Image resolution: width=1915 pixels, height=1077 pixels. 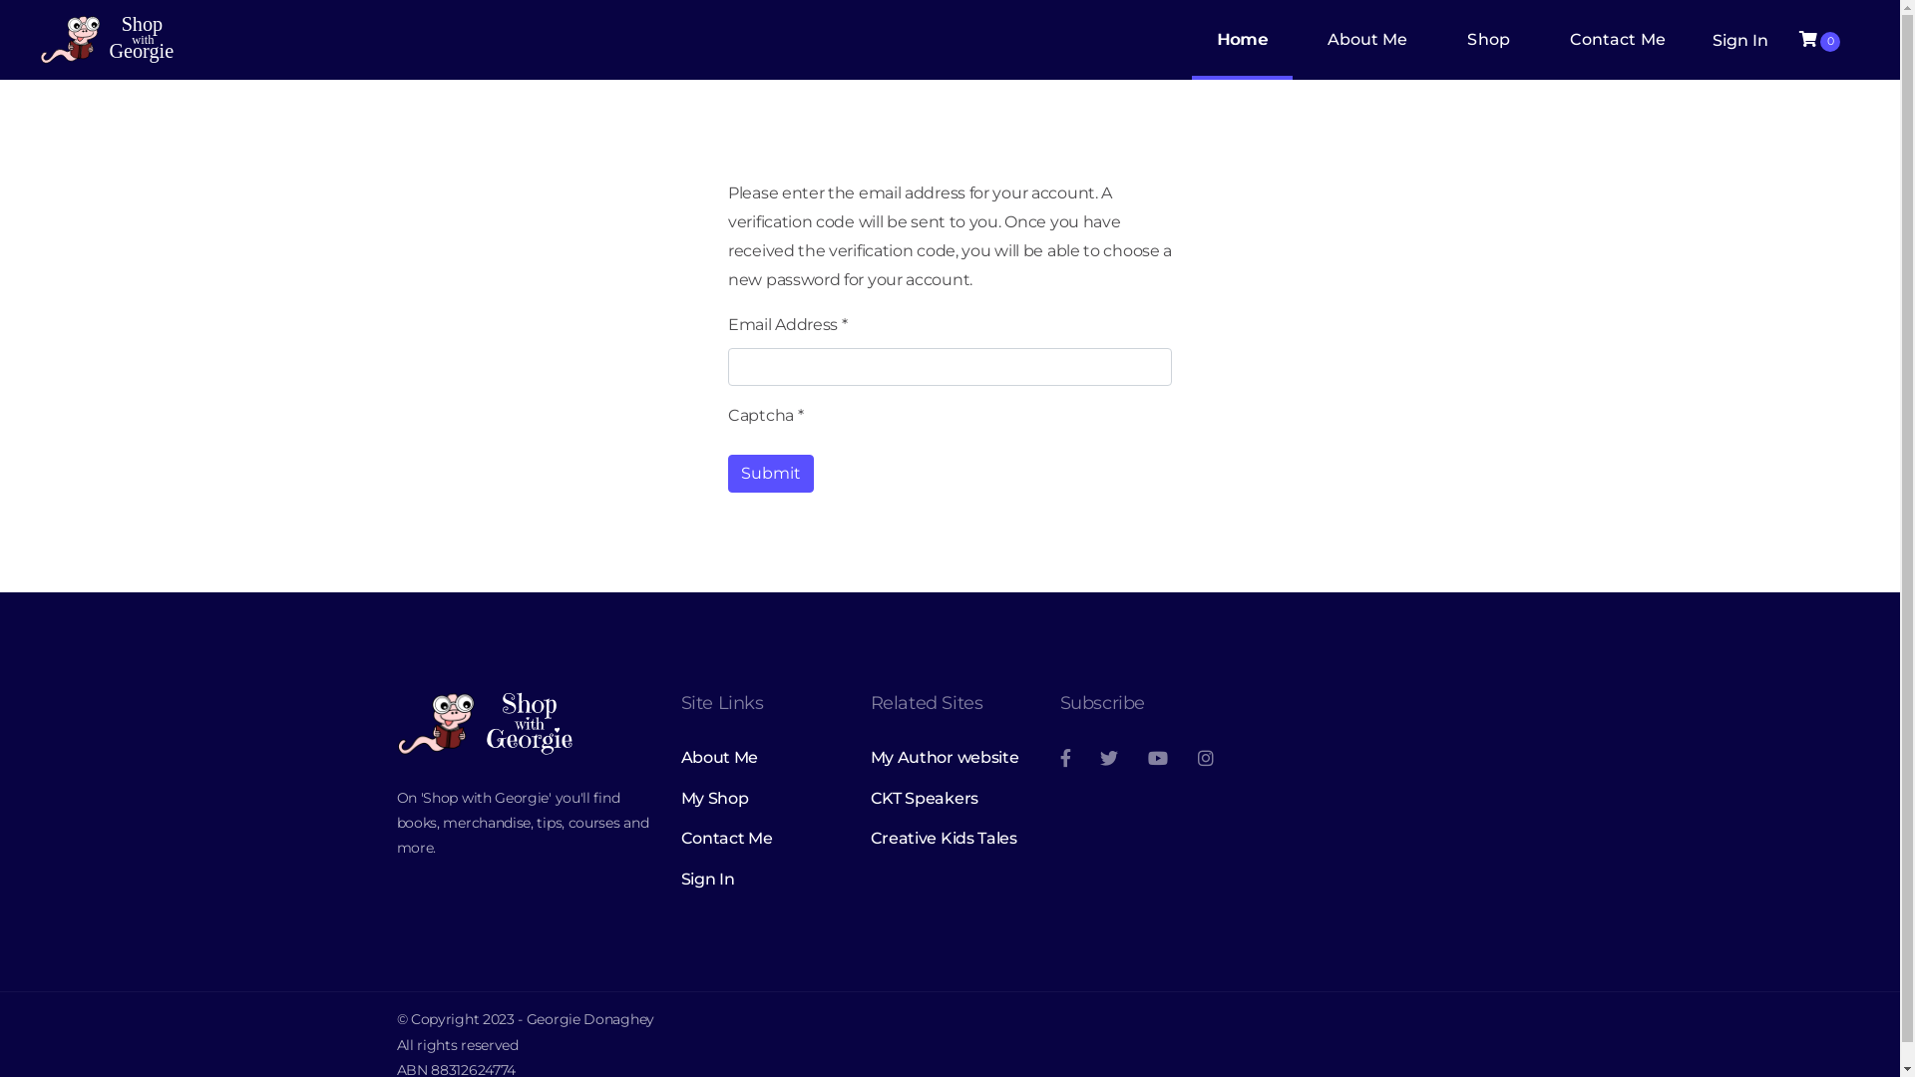 I want to click on 'My Shop', so click(x=759, y=798).